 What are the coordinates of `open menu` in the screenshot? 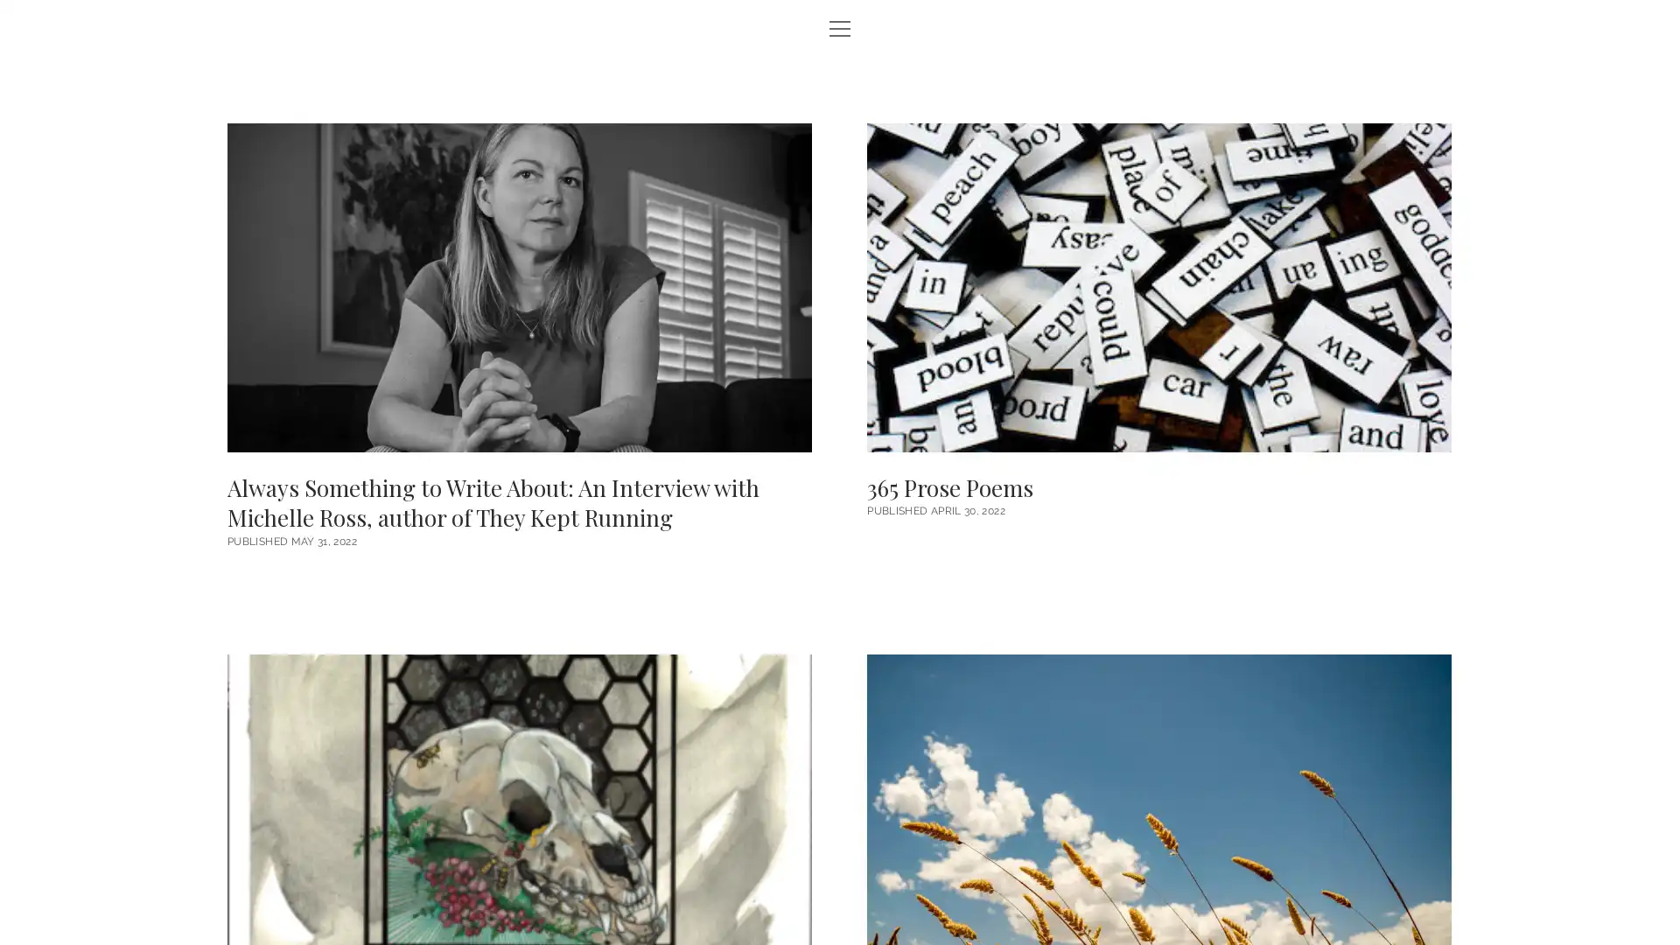 It's located at (840, 30).